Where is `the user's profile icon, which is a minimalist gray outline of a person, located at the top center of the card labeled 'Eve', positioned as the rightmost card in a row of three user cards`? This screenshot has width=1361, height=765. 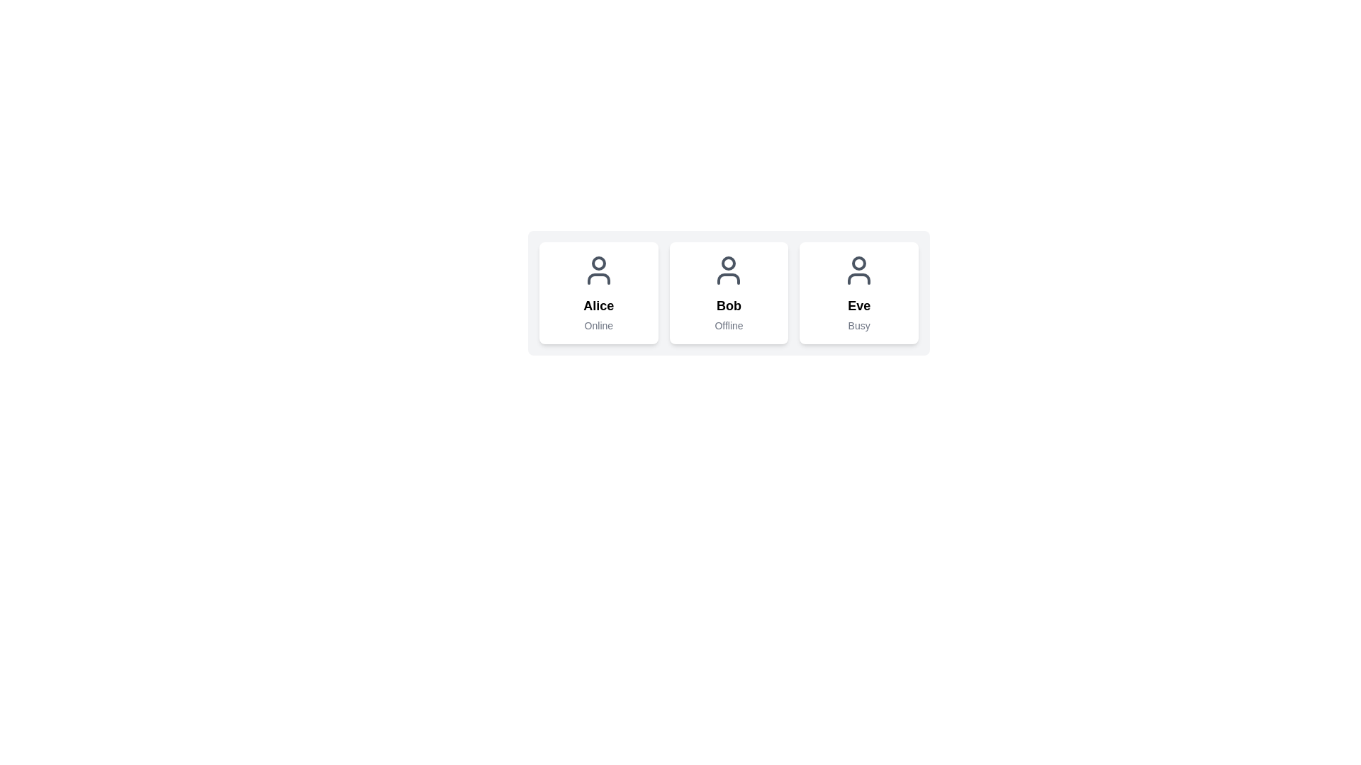 the user's profile icon, which is a minimalist gray outline of a person, located at the top center of the card labeled 'Eve', positioned as the rightmost card in a row of three user cards is located at coordinates (858, 270).